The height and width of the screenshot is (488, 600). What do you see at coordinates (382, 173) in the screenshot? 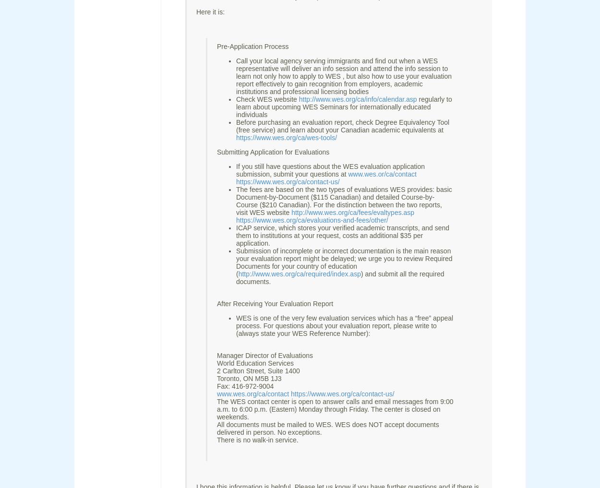
I see `'www.wes.or/ca/contact'` at bounding box center [382, 173].